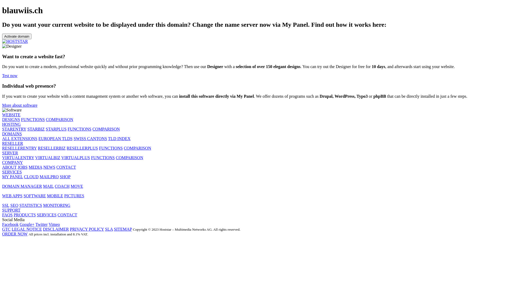 The height and width of the screenshot is (286, 508). Describe the element at coordinates (22, 186) in the screenshot. I see `'DOMAIN MANAGER'` at that location.